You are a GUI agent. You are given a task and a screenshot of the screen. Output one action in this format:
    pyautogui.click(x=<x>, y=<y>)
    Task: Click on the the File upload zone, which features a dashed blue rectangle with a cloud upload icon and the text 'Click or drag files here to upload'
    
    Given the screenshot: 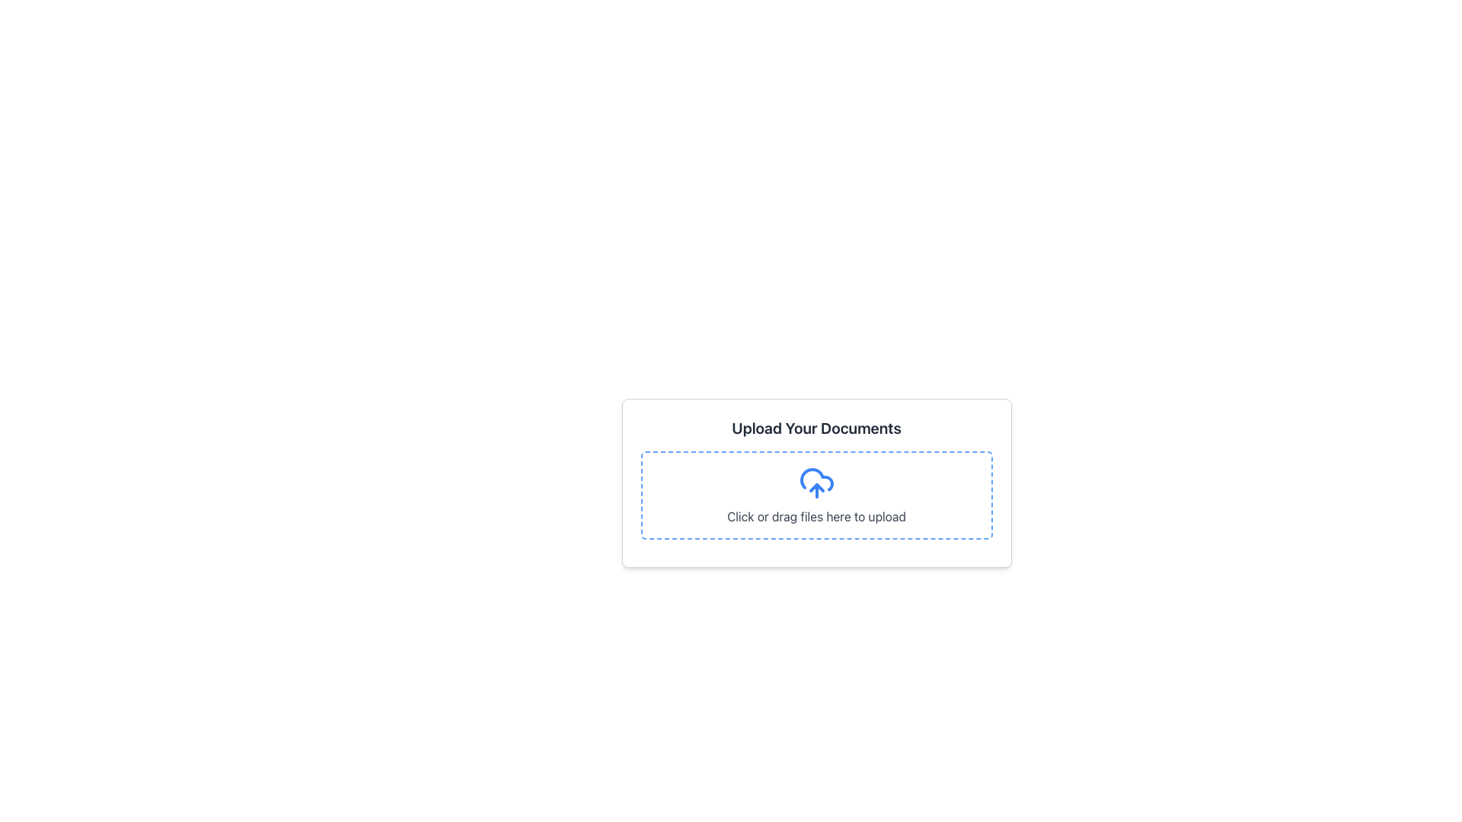 What is the action you would take?
    pyautogui.click(x=816, y=483)
    